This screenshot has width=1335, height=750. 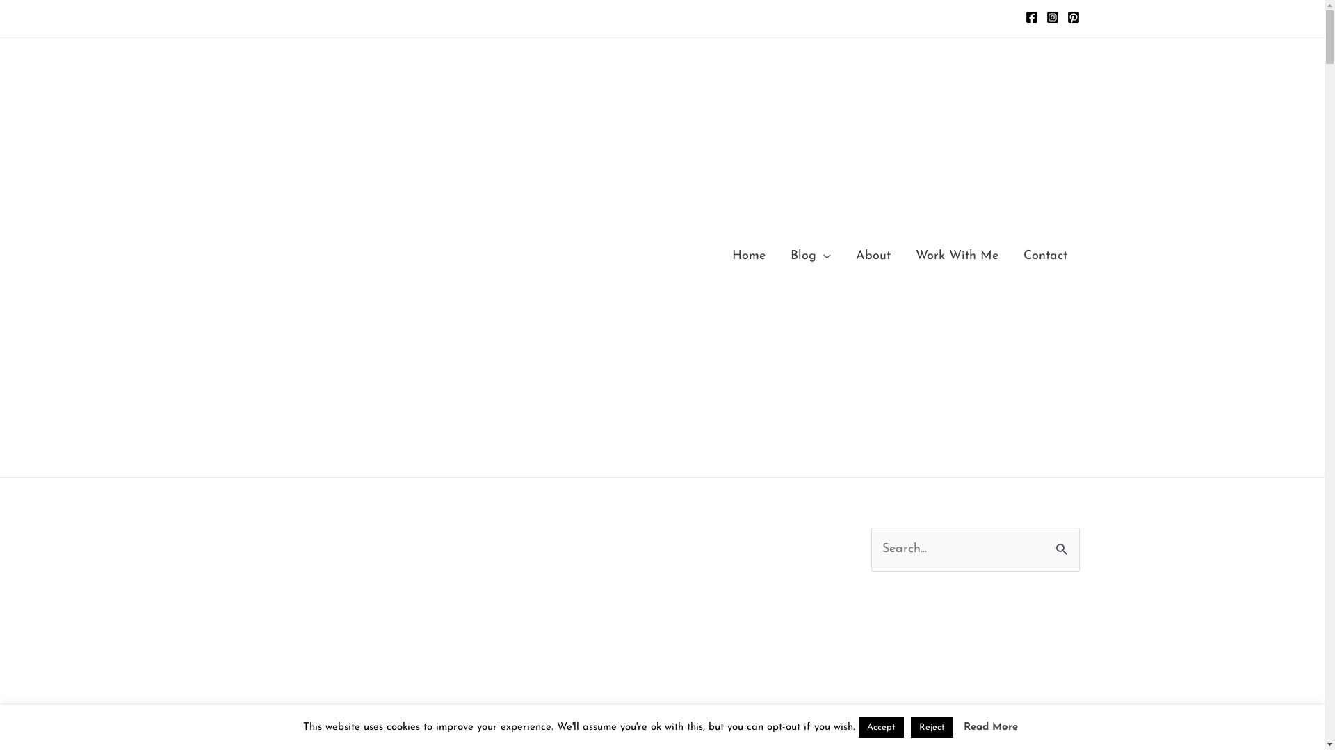 What do you see at coordinates (871, 256) in the screenshot?
I see `'About'` at bounding box center [871, 256].